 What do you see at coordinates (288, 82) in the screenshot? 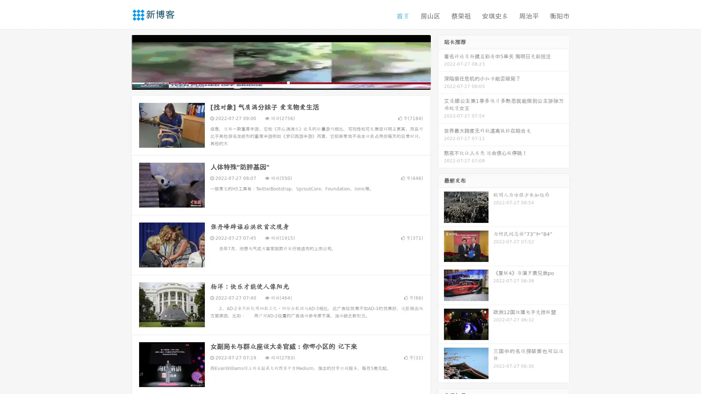
I see `Go to slide 3` at bounding box center [288, 82].